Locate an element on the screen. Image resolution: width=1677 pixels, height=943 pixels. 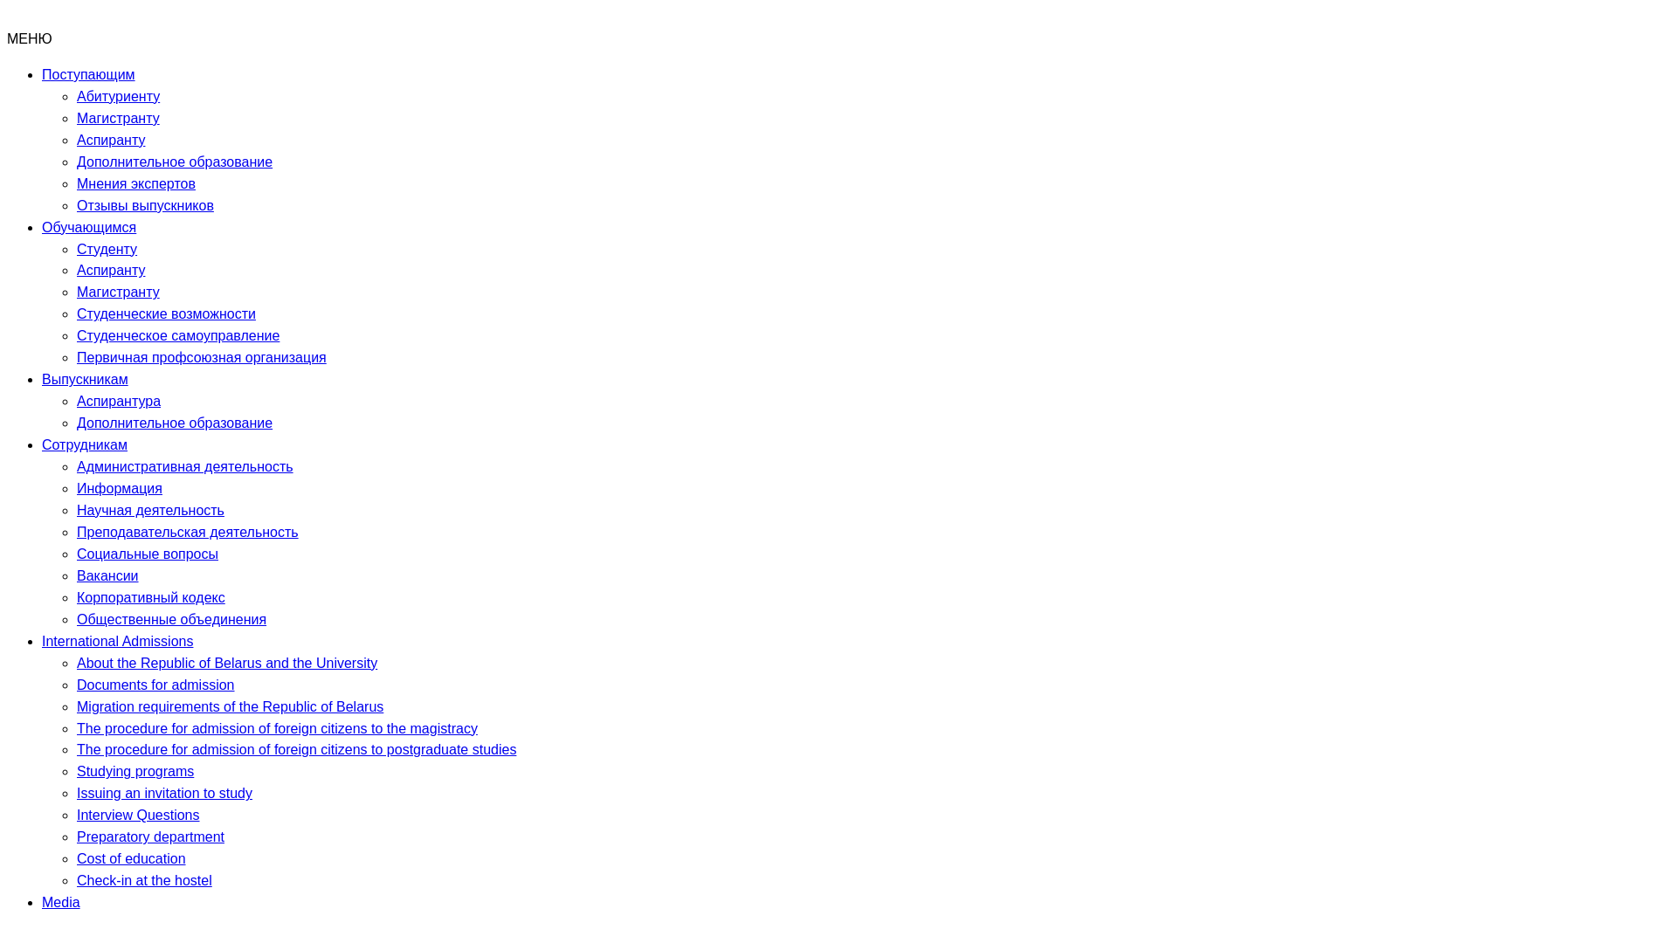
'Documents for admission' is located at coordinates (155, 684).